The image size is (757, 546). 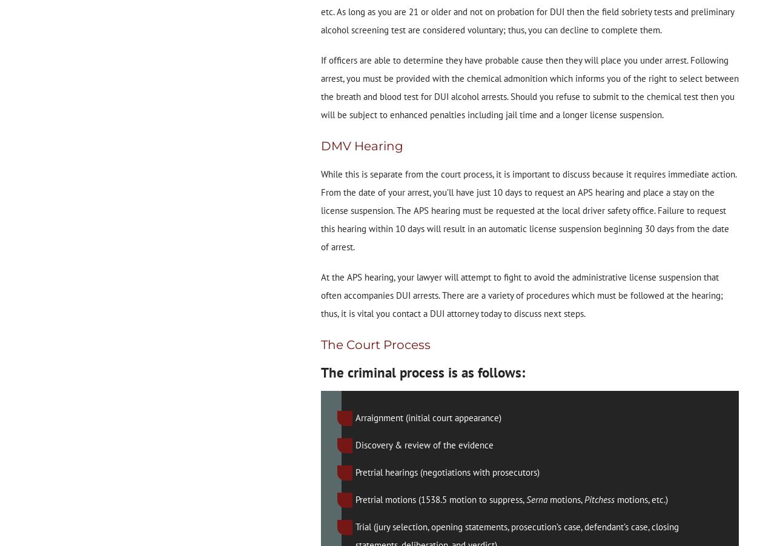 What do you see at coordinates (527, 210) in the screenshot?
I see `'While this is separate from the court process, it is important to discuss because it requires immediate action. From the date of your arrest, you’ll have just 10 days to request an APS hearing and place a stay on the license suspension. The APS hearing must be requested at the local driver safety office. Failure to request this hearing within 10 days will result in an automatic license suspension beginning 30 days from the date of arrest.'` at bounding box center [527, 210].